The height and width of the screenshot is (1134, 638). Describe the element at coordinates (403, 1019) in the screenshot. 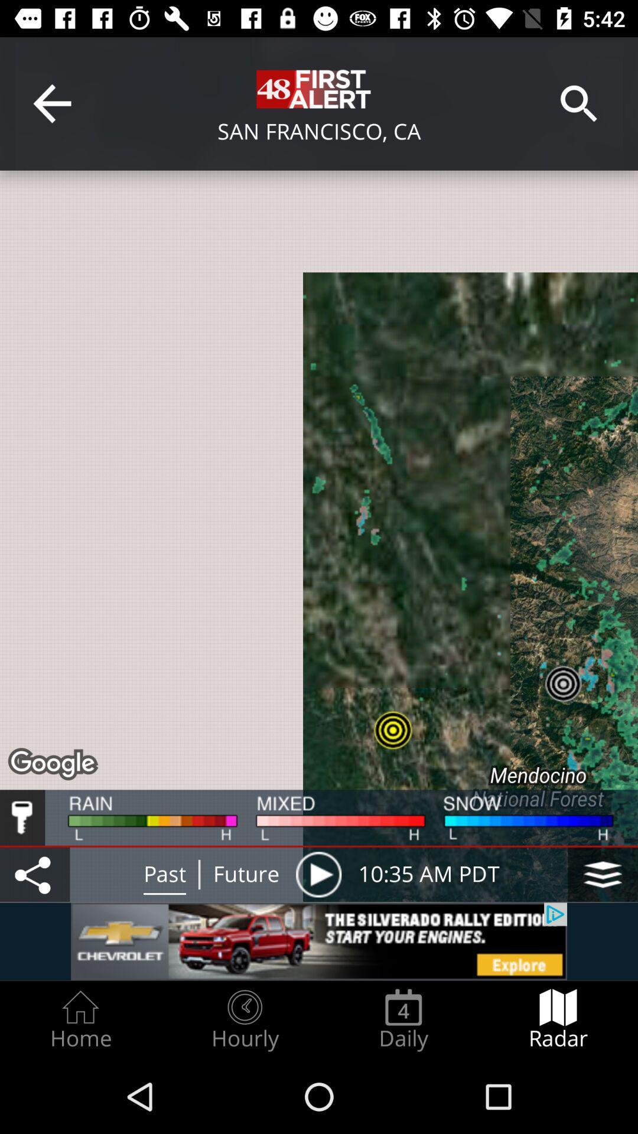

I see `the radio button next to the radar` at that location.